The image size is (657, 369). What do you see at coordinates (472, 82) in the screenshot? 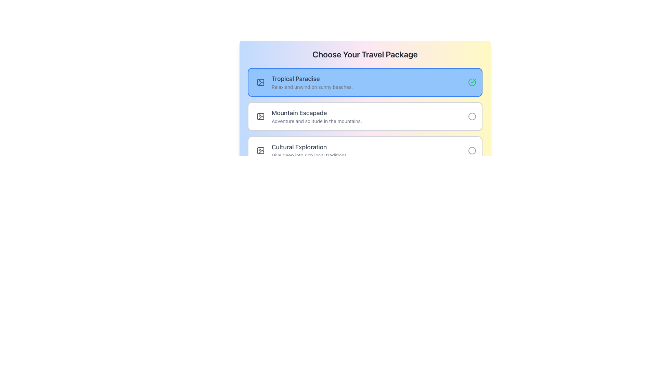
I see `Decorative Icon, a green circular icon with a checkmark indicating completion, located in the top-right corner of the 'Tropical Paradise' card` at bounding box center [472, 82].